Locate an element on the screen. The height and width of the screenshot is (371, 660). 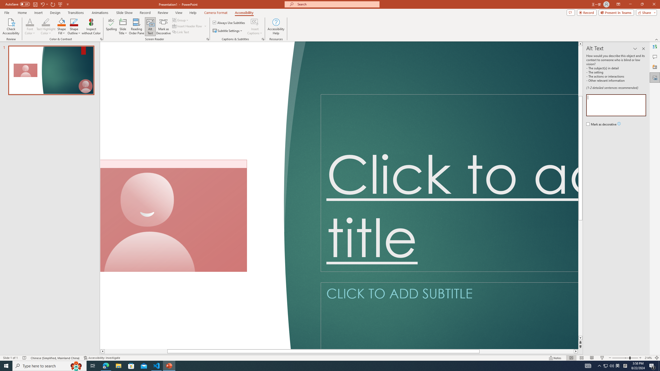
'Screen Reader' is located at coordinates (208, 39).